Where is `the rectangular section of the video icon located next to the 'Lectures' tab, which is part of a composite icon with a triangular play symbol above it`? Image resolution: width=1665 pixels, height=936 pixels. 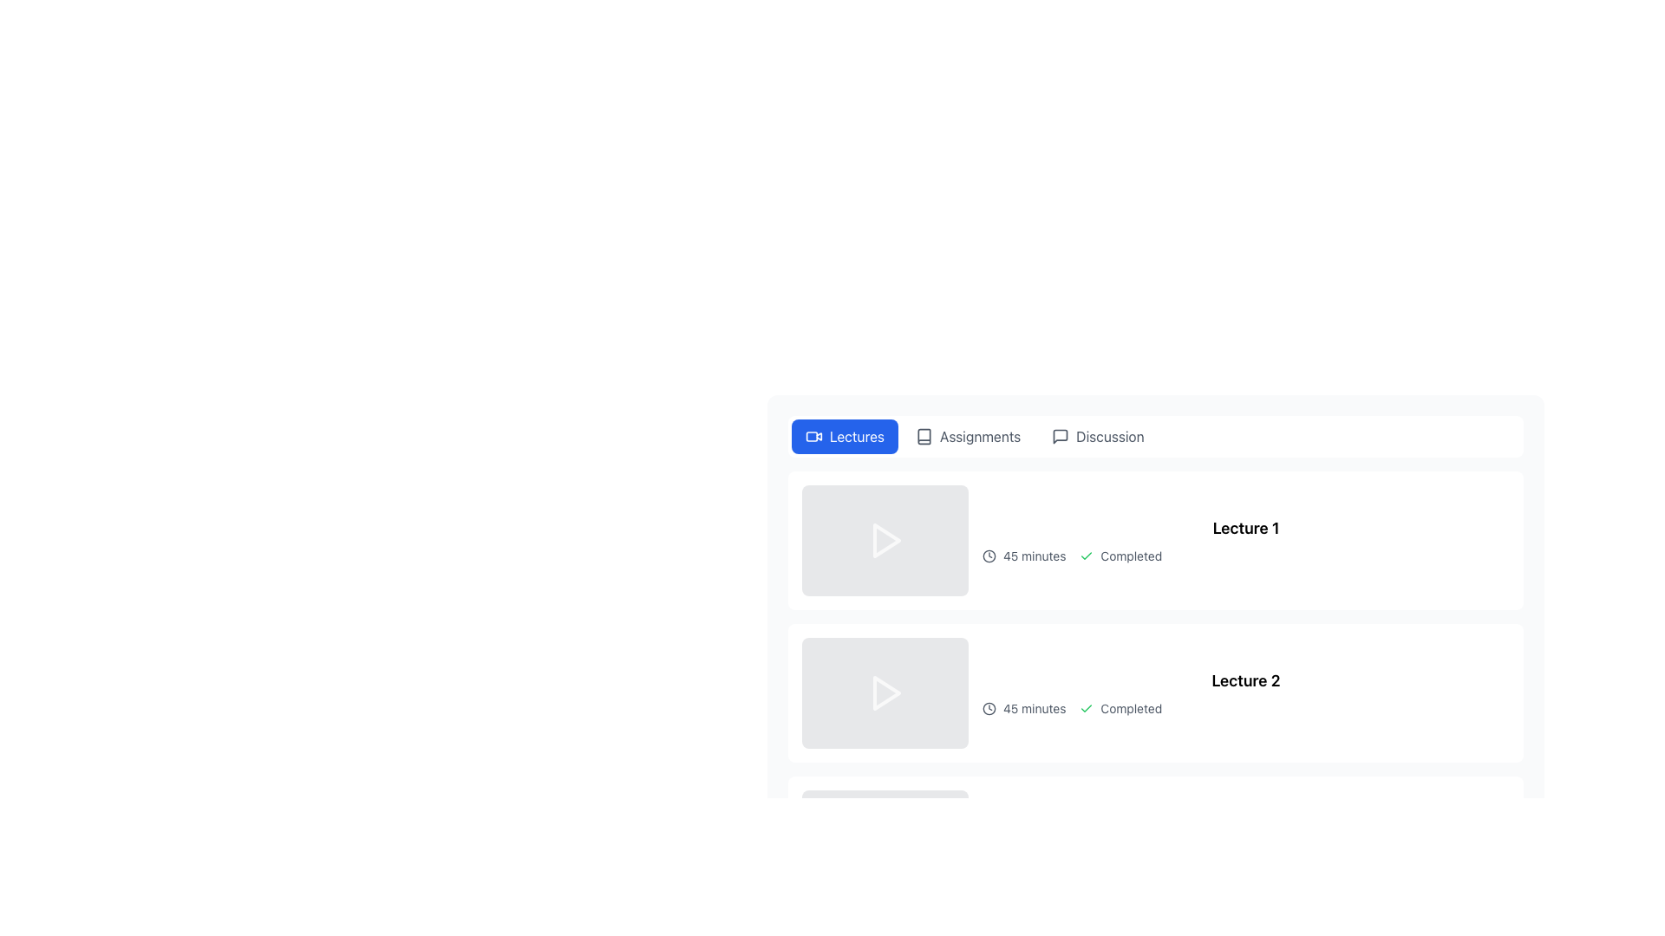
the rectangular section of the video icon located next to the 'Lectures' tab, which is part of a composite icon with a triangular play symbol above it is located at coordinates (811, 436).